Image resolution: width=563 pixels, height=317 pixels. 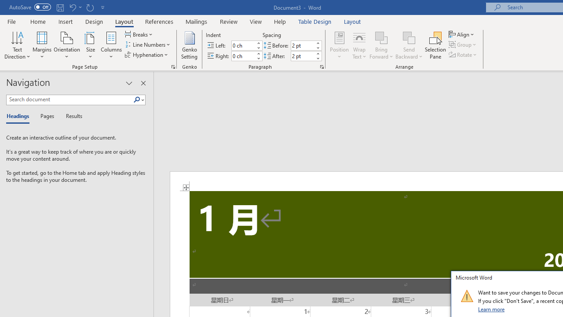 I want to click on 'Bring Forward', so click(x=381, y=45).